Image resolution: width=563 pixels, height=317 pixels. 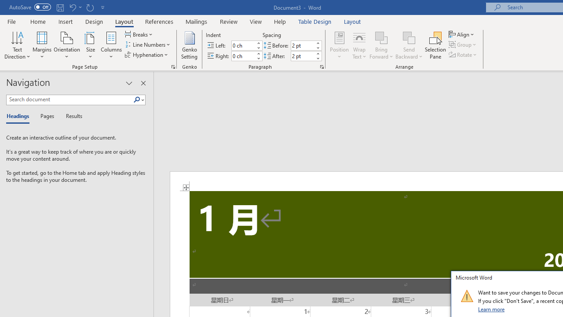 I want to click on 'Bring Forward', so click(x=381, y=45).